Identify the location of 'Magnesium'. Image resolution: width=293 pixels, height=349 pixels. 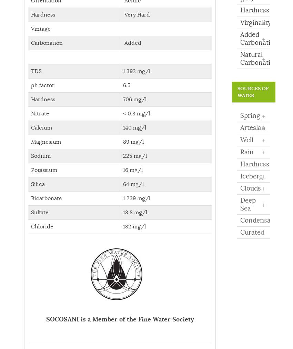
(31, 141).